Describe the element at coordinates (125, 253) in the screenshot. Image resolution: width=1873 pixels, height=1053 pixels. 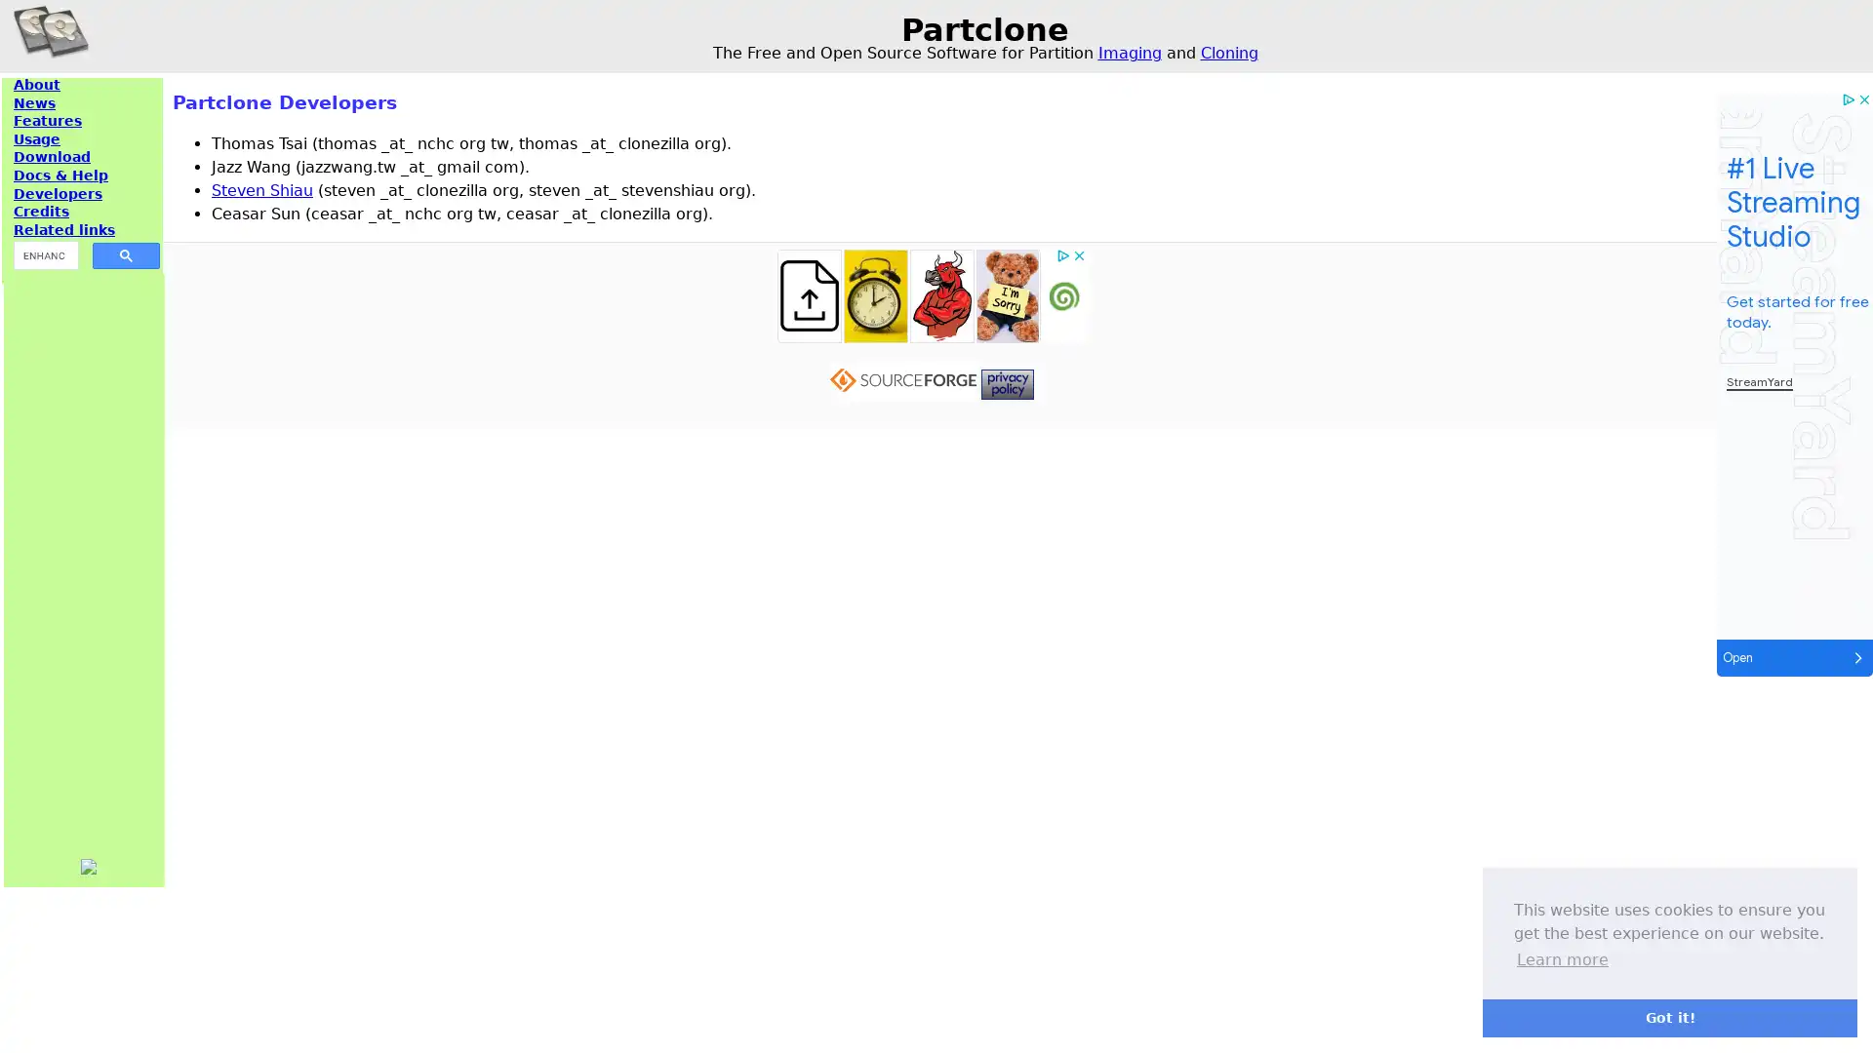
I see `search` at that location.